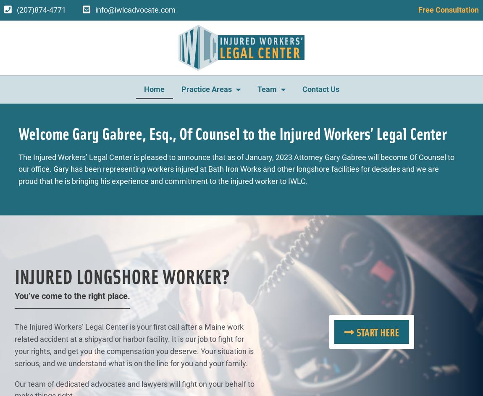  Describe the element at coordinates (41, 10) in the screenshot. I see `'(207)874-4771'` at that location.